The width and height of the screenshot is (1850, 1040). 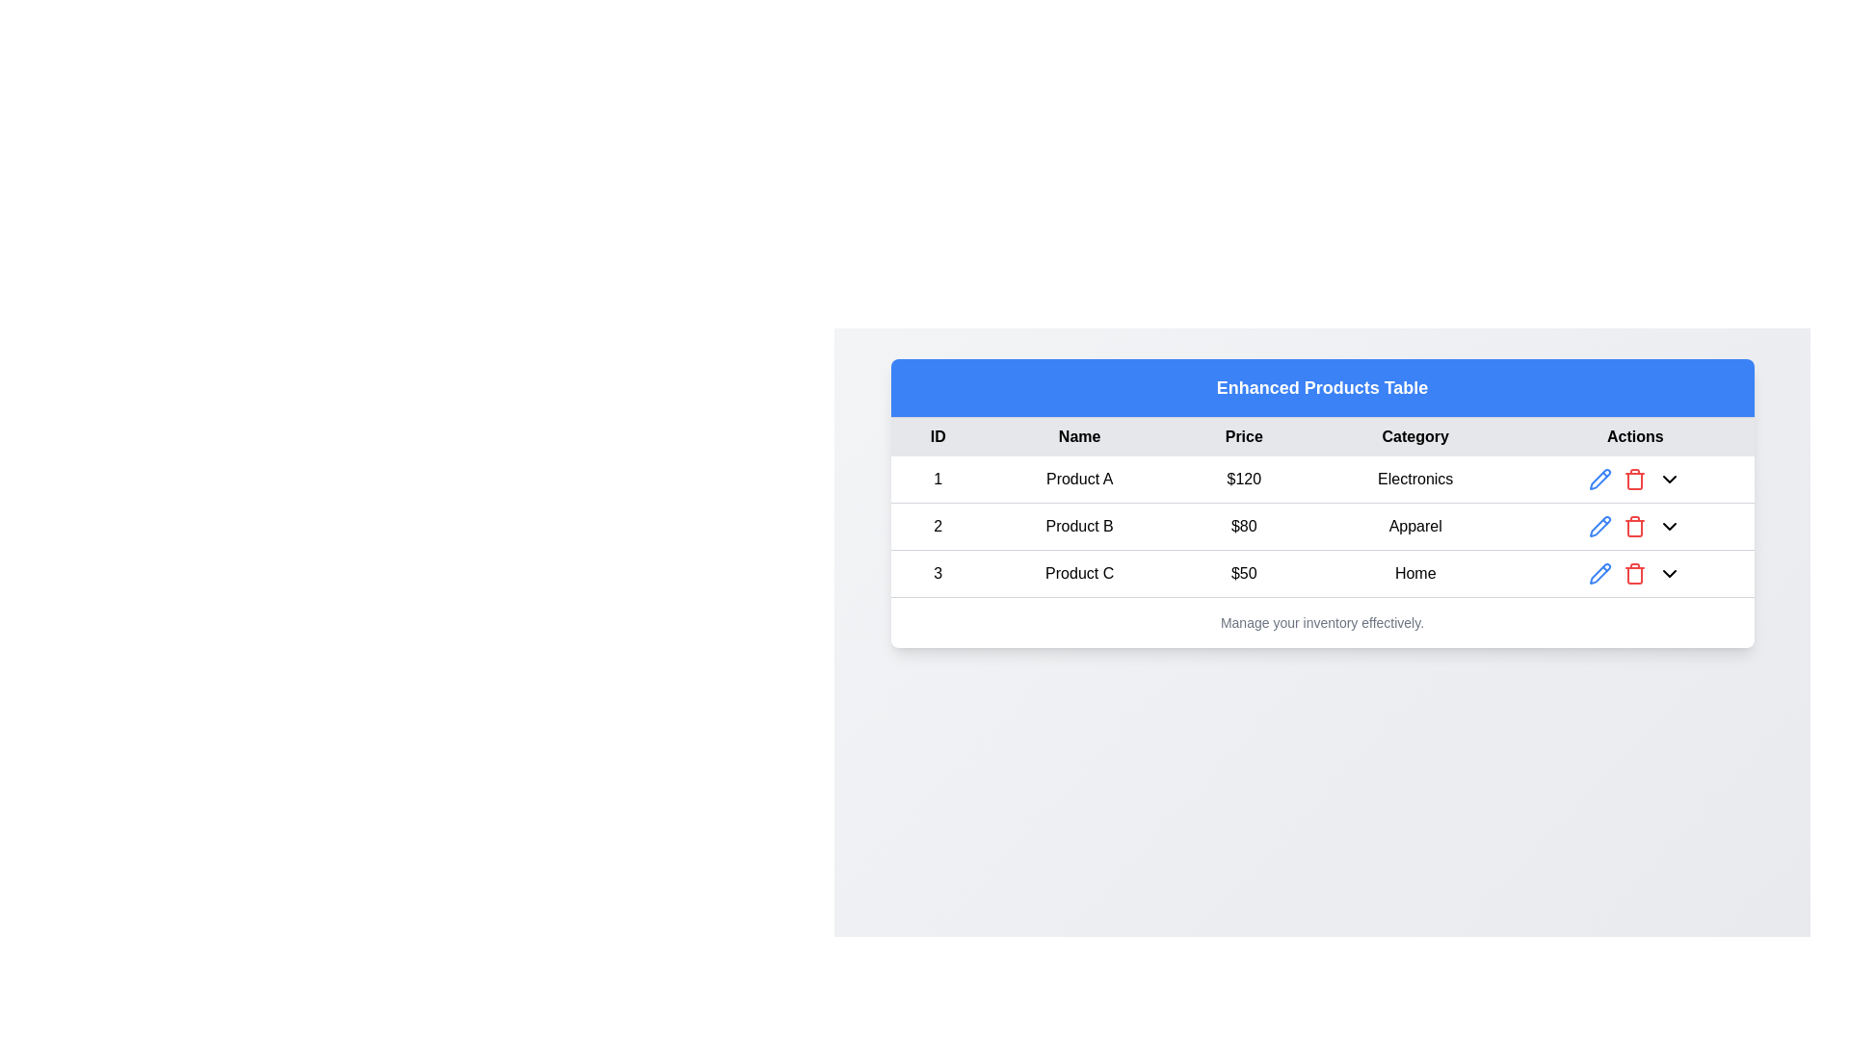 What do you see at coordinates (1669, 573) in the screenshot?
I see `the downward chevron icon in the 'Actions' column of the third row` at bounding box center [1669, 573].